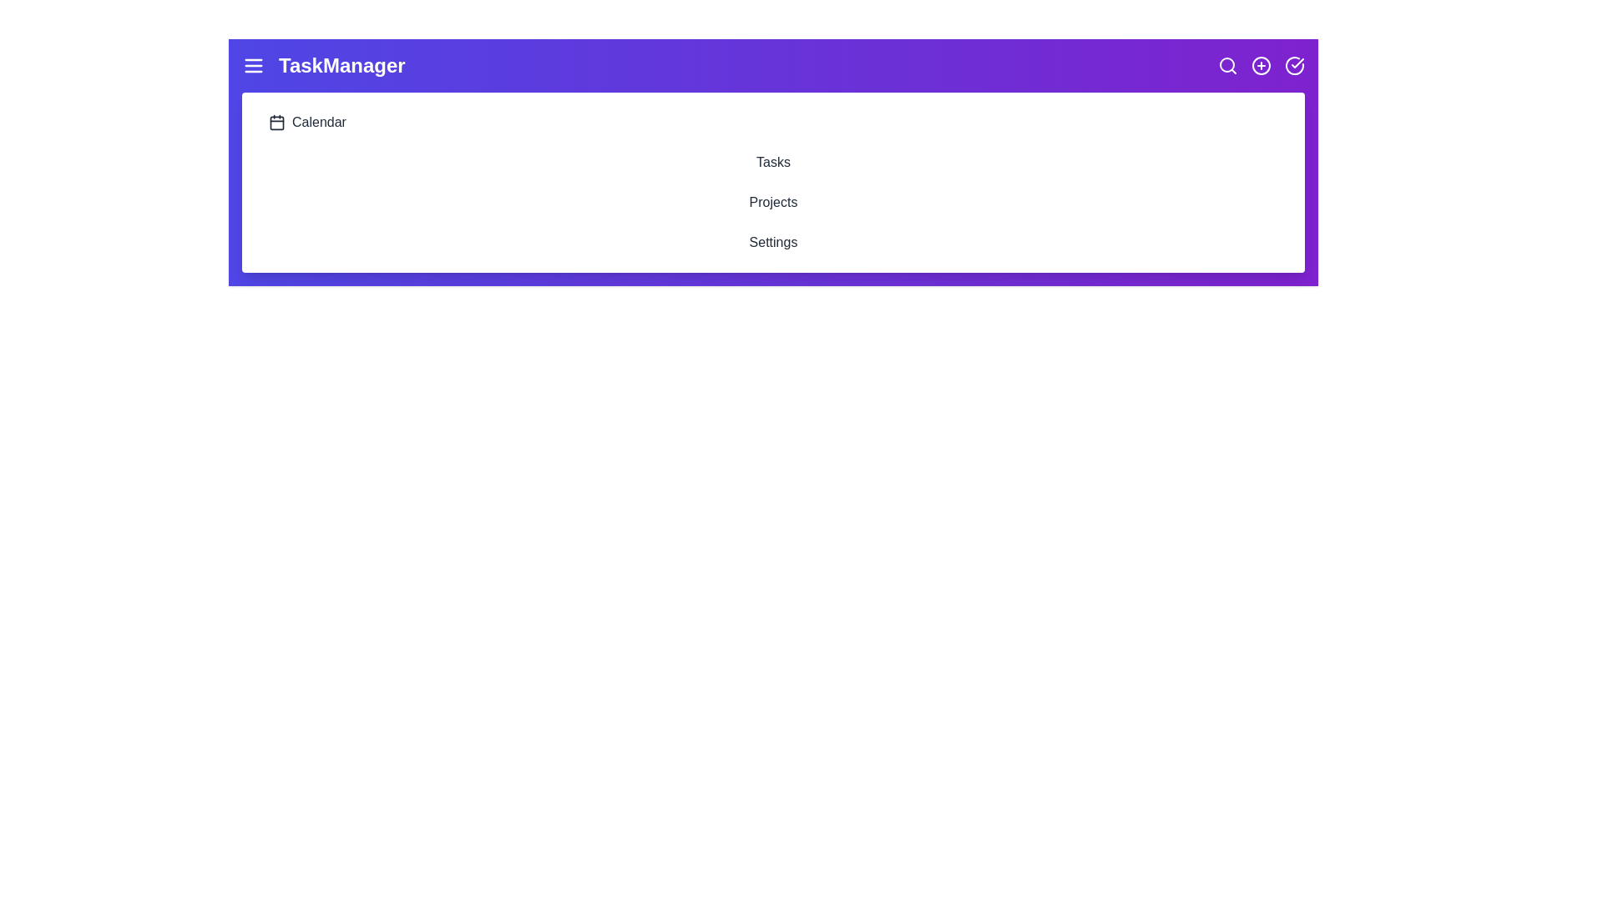  Describe the element at coordinates (1262, 64) in the screenshot. I see `the plus circle icon to add a new item` at that location.